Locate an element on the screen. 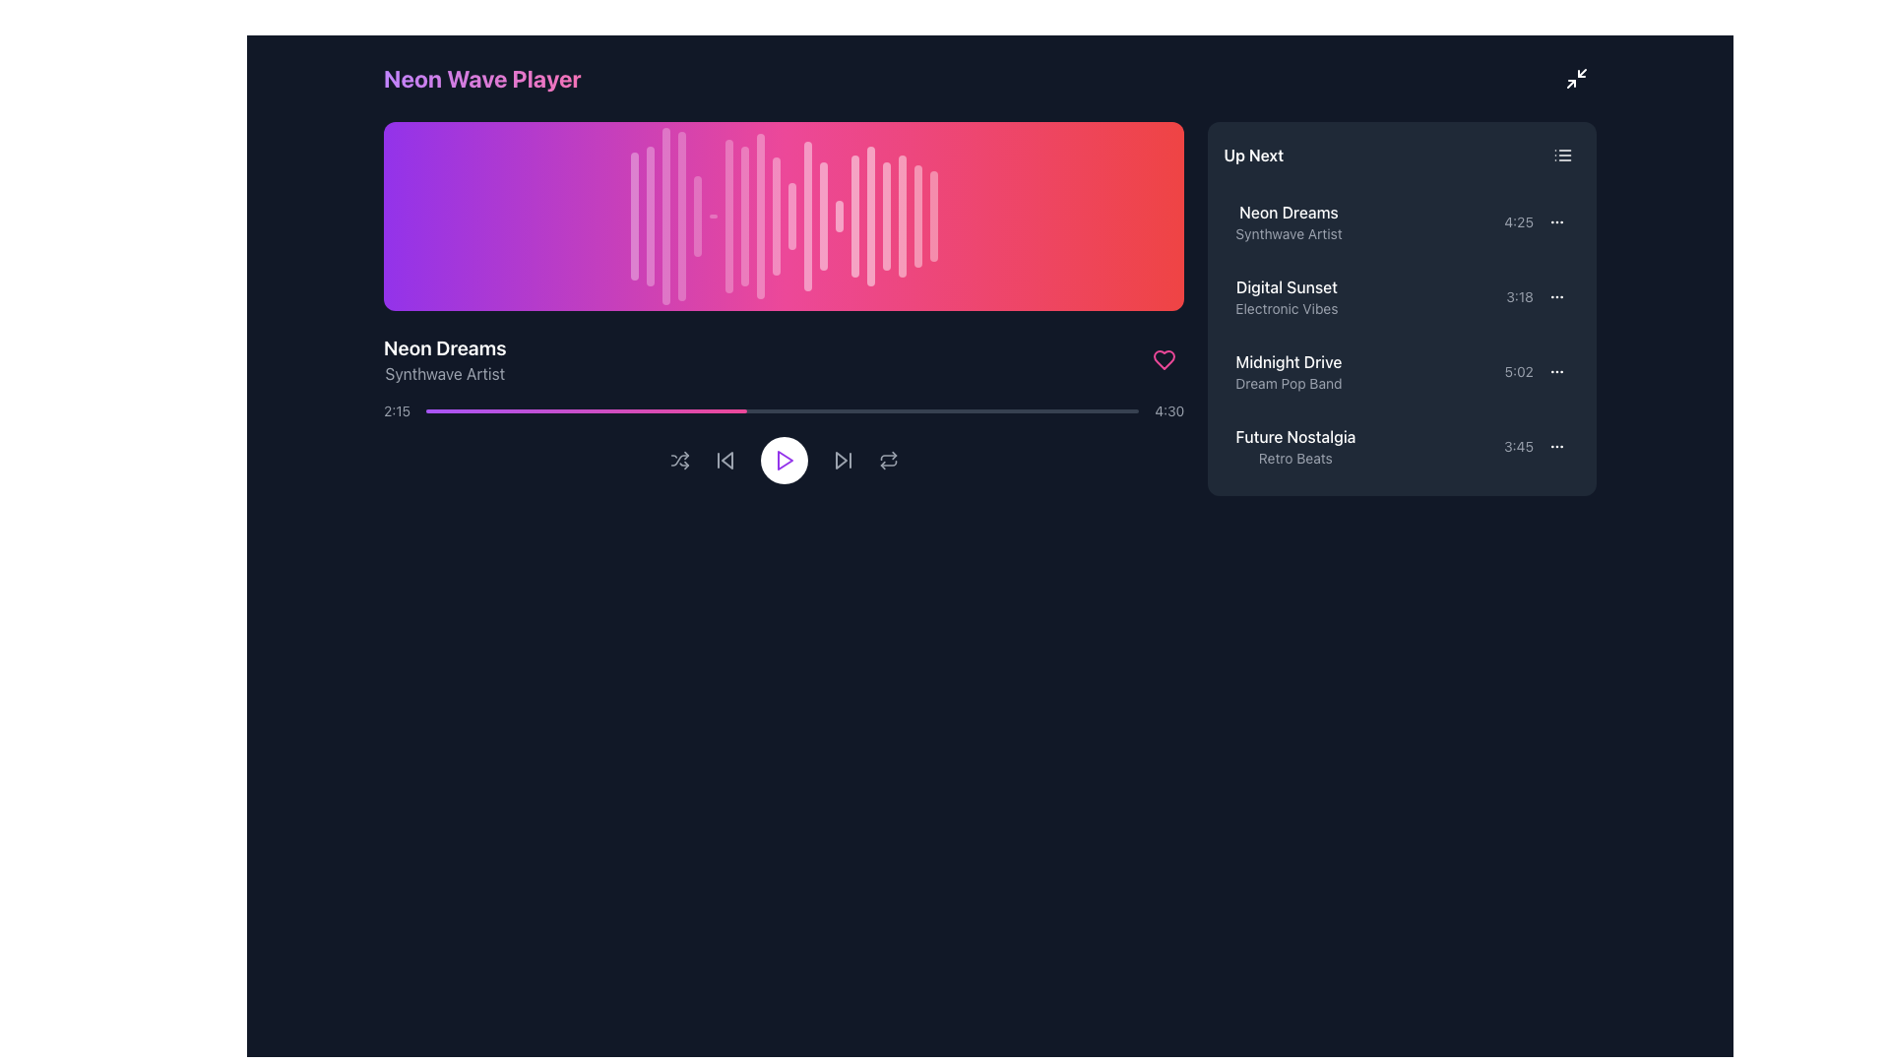 Image resolution: width=1890 pixels, height=1063 pixels. the 17th decorative vertical bar representing soundwave dynamics is located at coordinates (885, 216).